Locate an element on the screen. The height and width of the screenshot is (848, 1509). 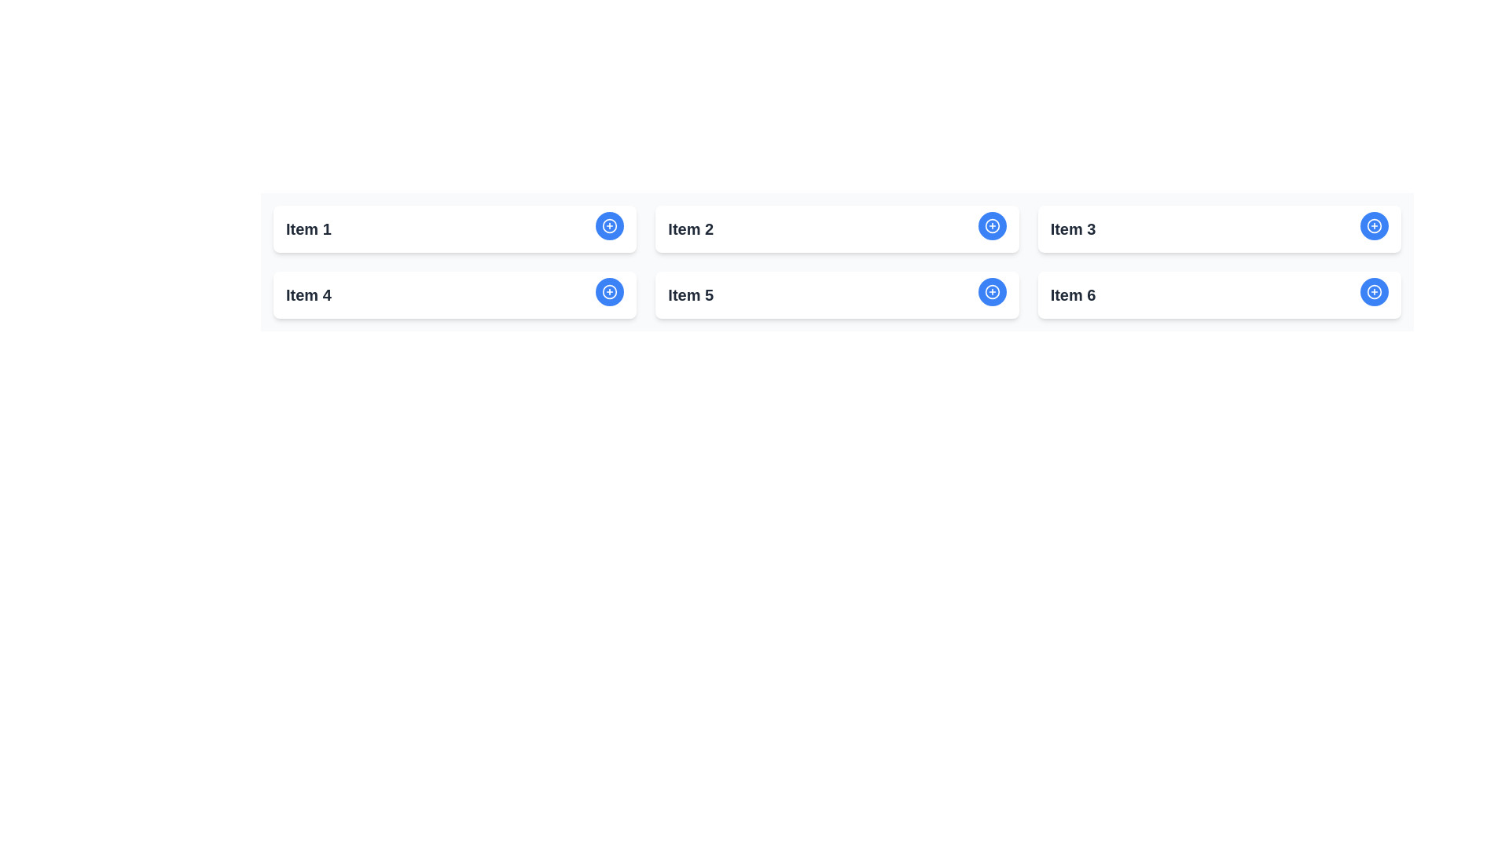
the circular icon button with a blue background and a white '+' symbol is located at coordinates (991, 291).